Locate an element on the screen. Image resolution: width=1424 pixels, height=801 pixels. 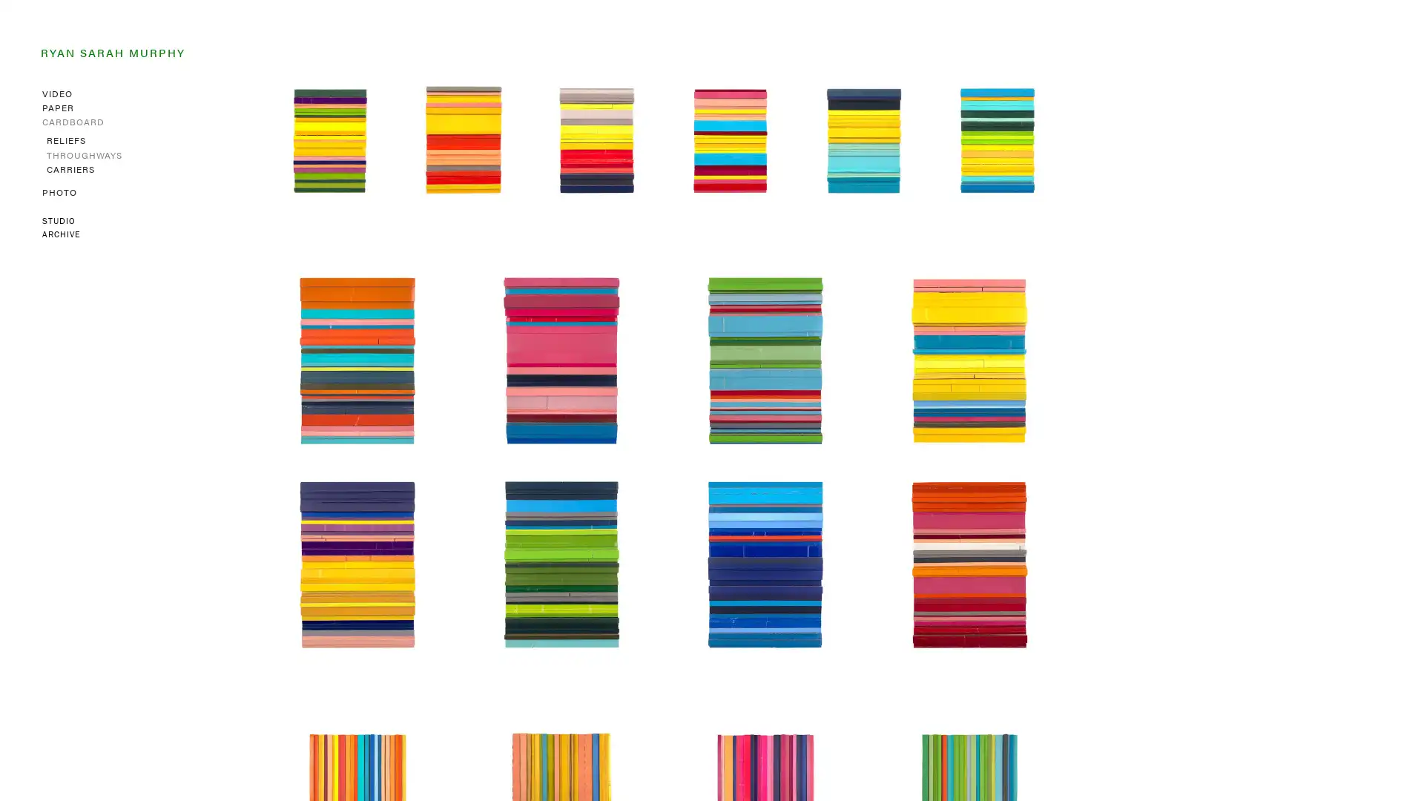
View fullsize Throughway (yellow line) - Riser , 2021 found (unpainted) cardboard 6 x 4 inches INQUIRE is located at coordinates (730, 140).